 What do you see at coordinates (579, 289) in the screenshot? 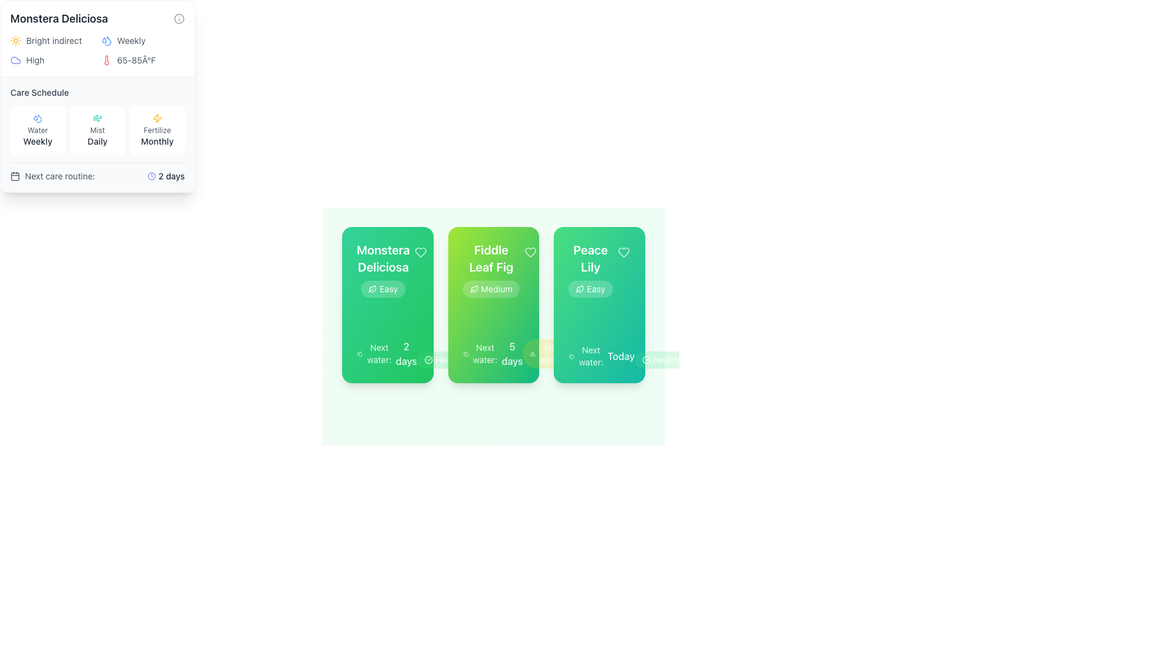
I see `the leaf-shaped icon located within the label below the title 'Monstera Deliciosa' on the first card from the left, positioned to the left of the text 'Easy'` at bounding box center [579, 289].